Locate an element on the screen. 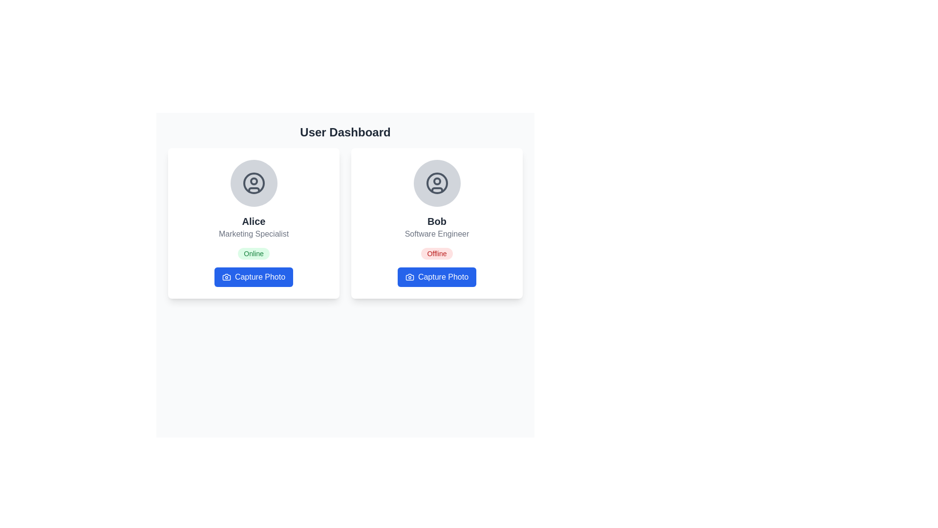 The width and height of the screenshot is (938, 528). the Profile Placeholder image at the top of Alice's card is located at coordinates (254, 183).